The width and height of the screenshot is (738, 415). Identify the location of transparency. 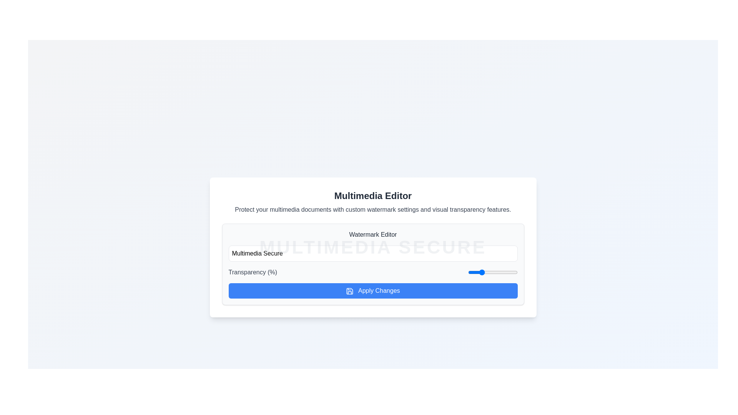
(496, 272).